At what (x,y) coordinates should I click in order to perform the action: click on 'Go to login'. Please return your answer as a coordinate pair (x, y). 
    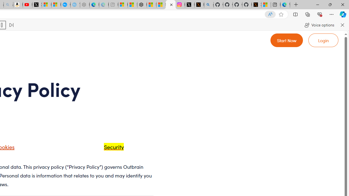
    Looking at the image, I should click on (323, 40).